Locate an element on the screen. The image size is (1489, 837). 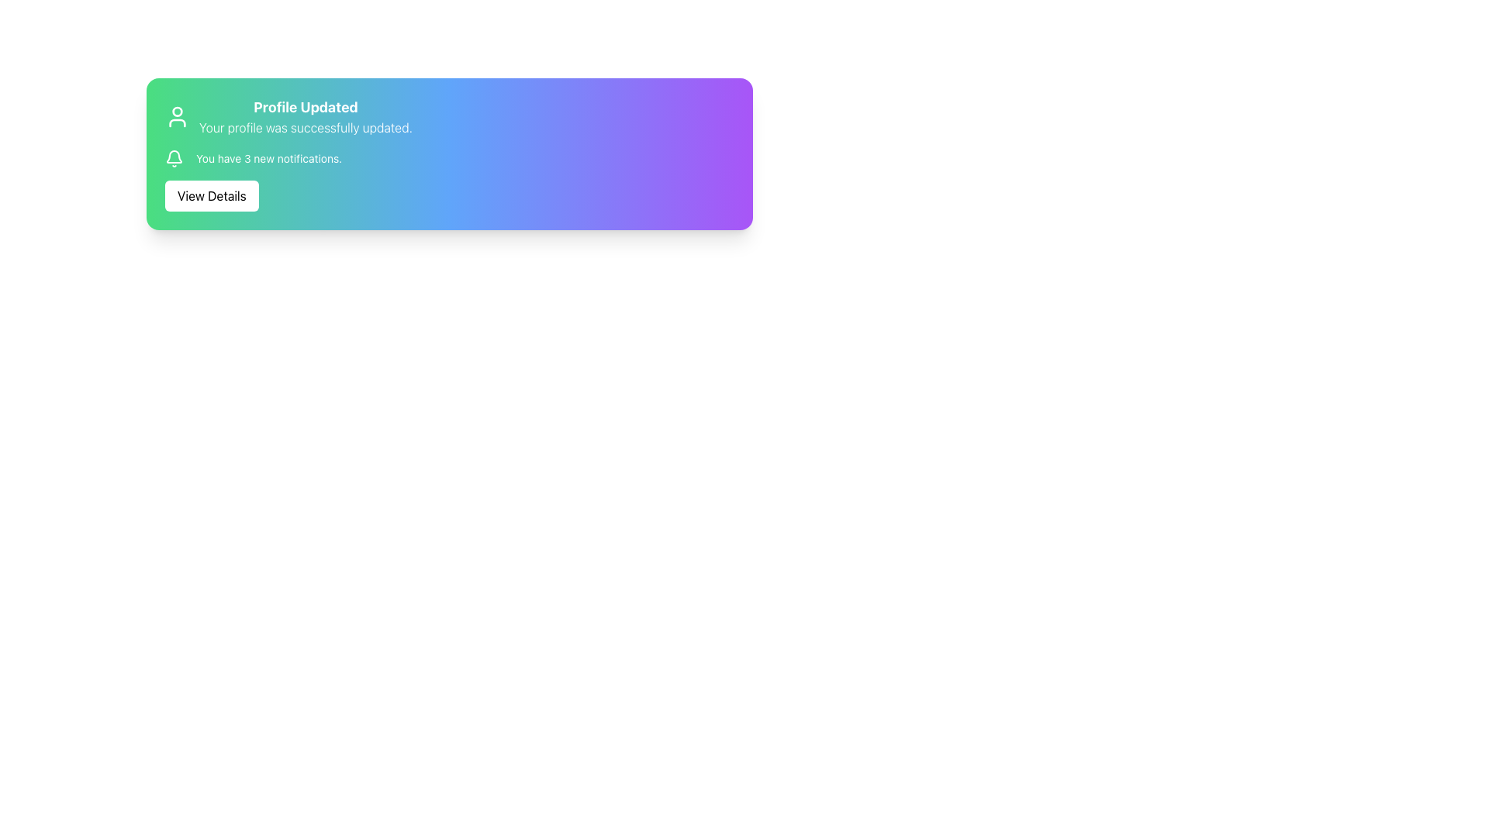
the green bell icon representing notifications, located to the left of the text 'You have 3 new notifications' in the notification card is located at coordinates (174, 158).